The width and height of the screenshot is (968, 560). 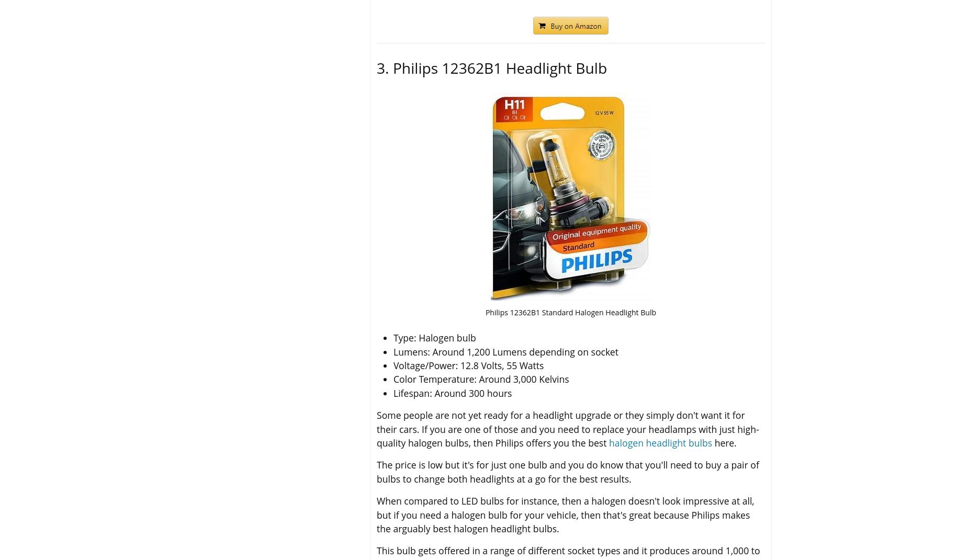 I want to click on 'Philips 12362B1 Standard Halogen Headlight Bulb', so click(x=570, y=312).